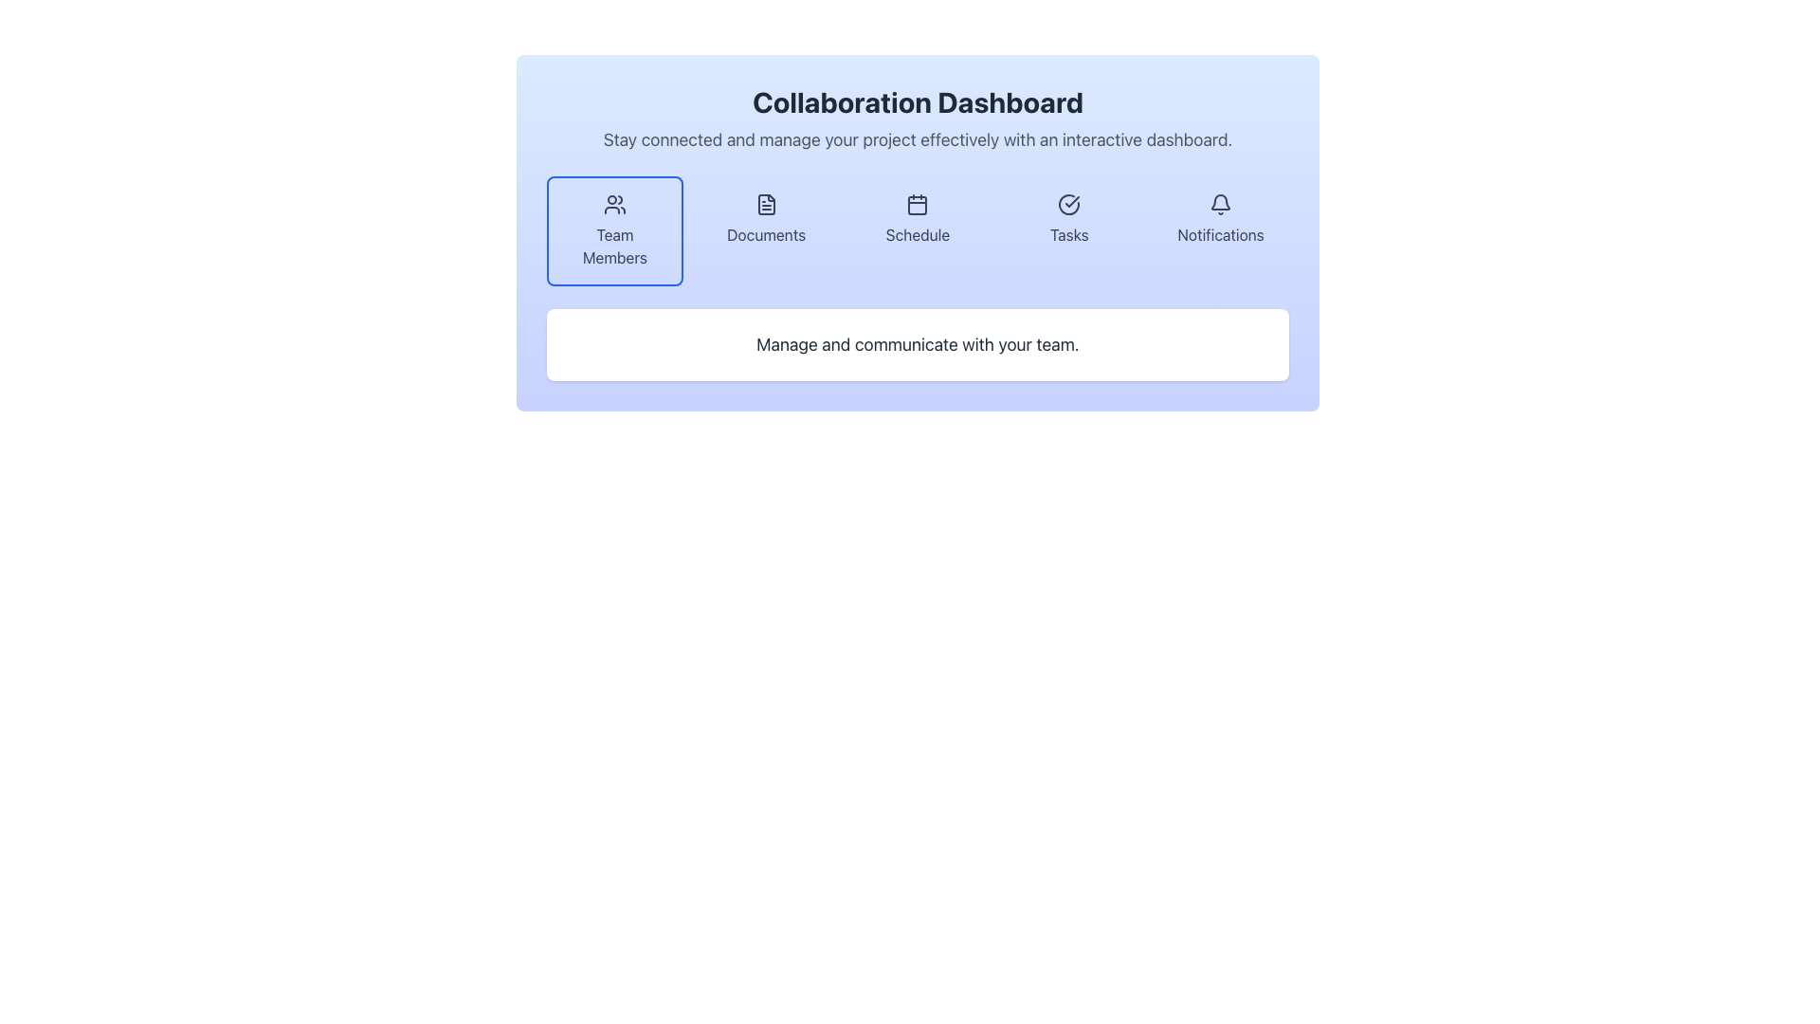  I want to click on the first button in the horizontal navigation grid, so click(614, 229).